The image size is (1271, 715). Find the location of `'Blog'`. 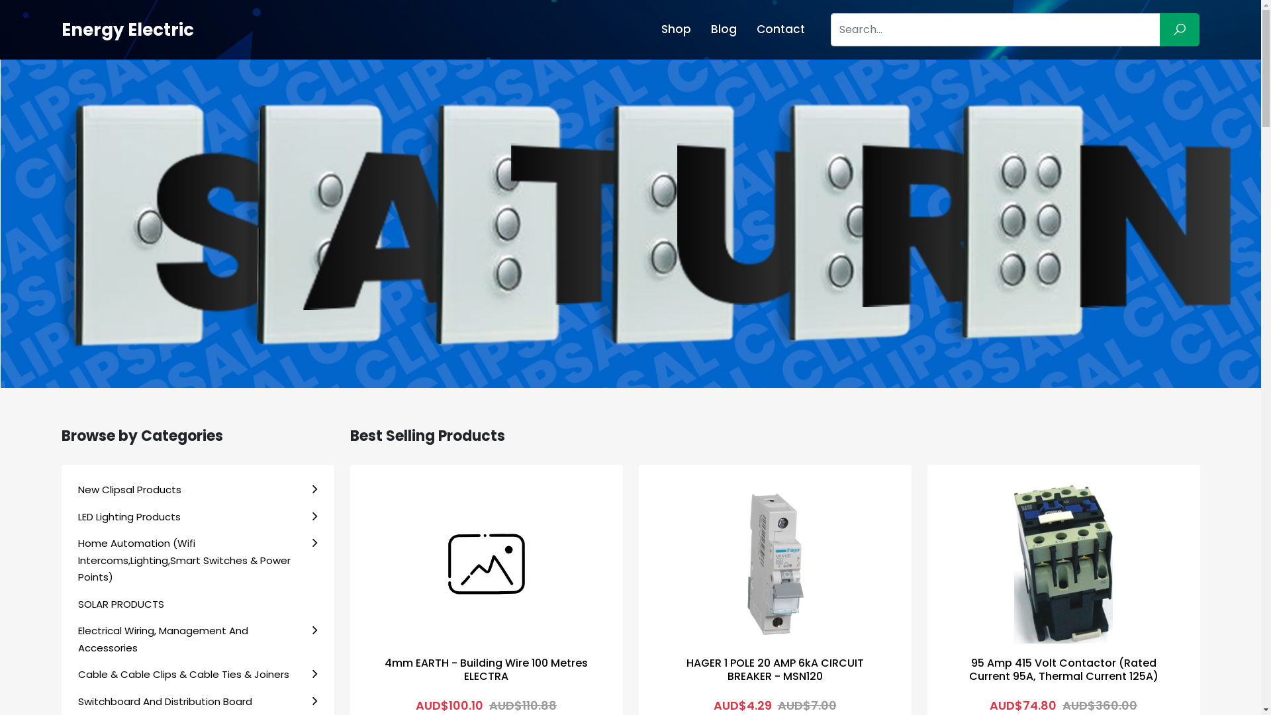

'Blog' is located at coordinates (700, 29).